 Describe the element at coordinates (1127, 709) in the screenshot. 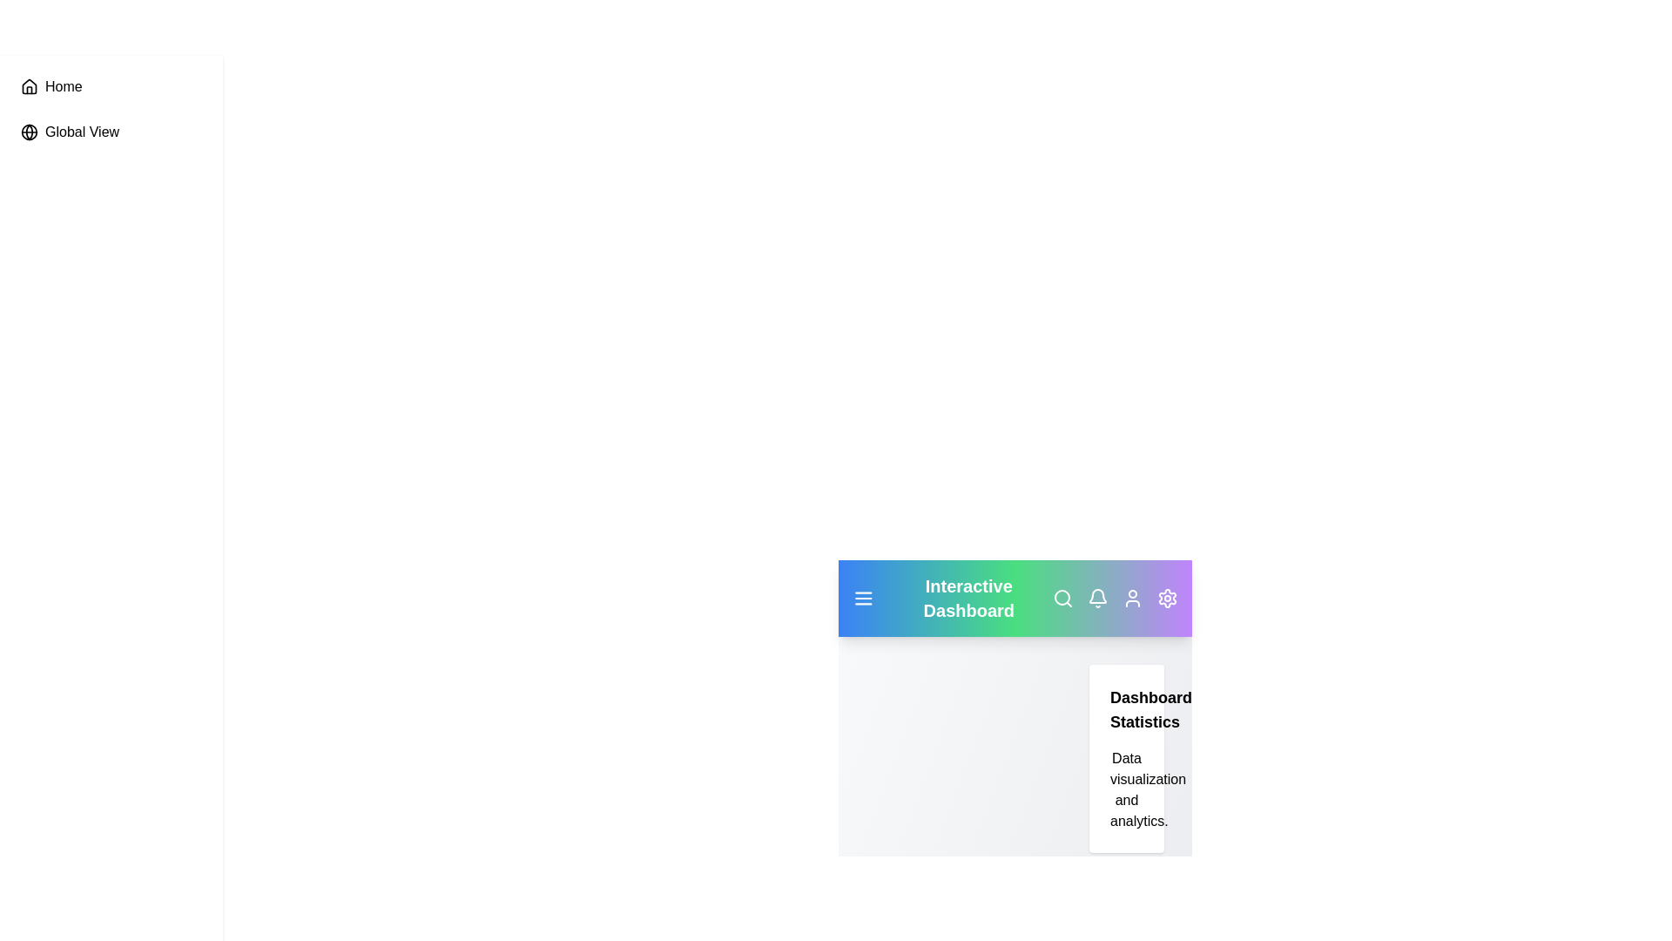

I see `the text 'Dashboard Statistics' to select it` at that location.